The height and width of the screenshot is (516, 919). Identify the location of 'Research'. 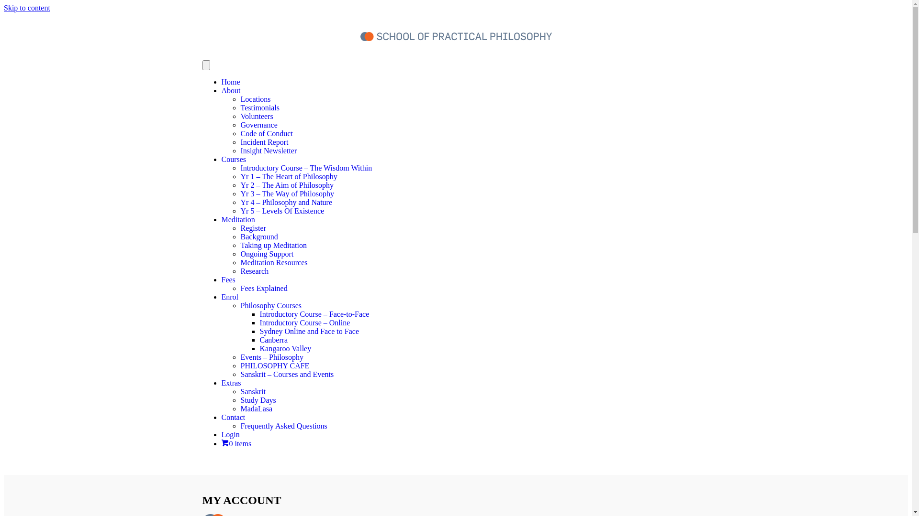
(240, 271).